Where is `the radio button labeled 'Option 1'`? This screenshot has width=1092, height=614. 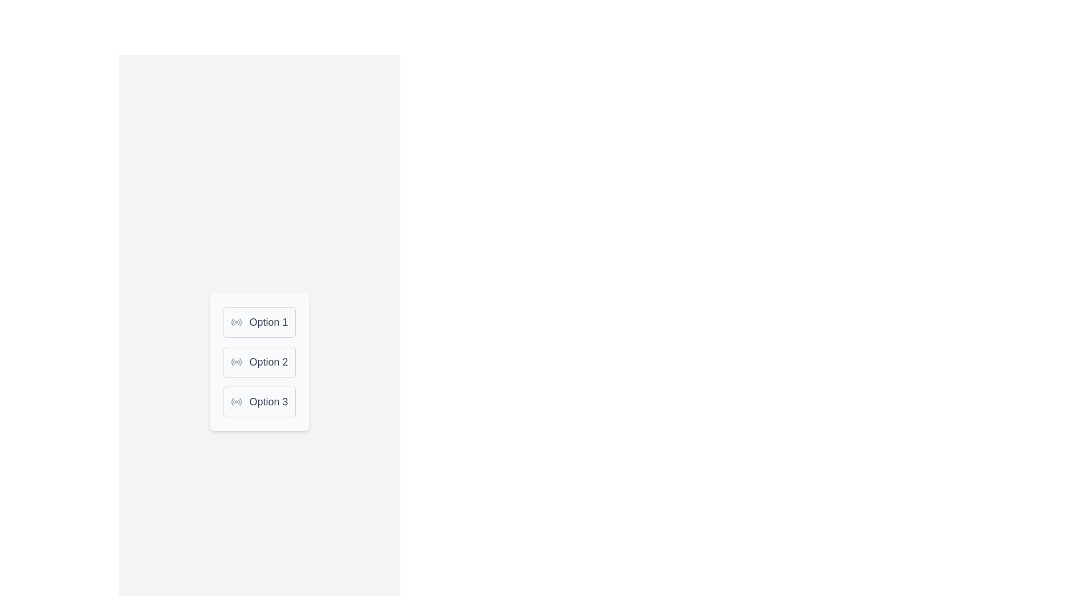
the radio button labeled 'Option 1' is located at coordinates (259, 322).